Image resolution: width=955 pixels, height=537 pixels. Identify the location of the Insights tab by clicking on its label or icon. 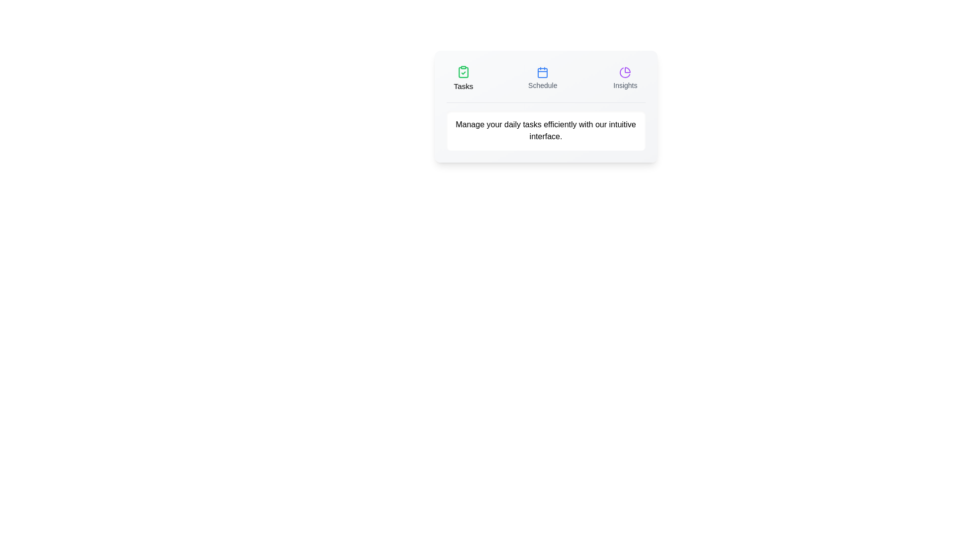
(625, 78).